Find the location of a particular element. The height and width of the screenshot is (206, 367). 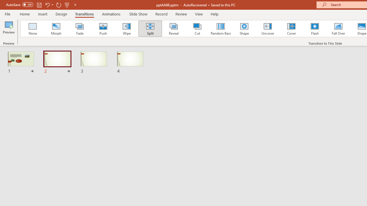

'Random Bars' is located at coordinates (220, 29).